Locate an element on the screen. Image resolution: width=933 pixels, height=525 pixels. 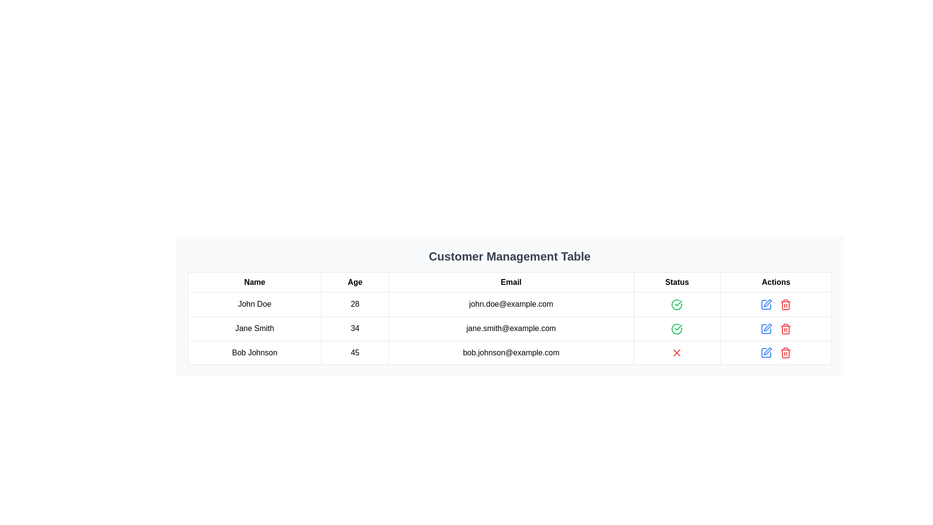
the close icon represented by a red 'X' within an SVG graphic located in the 'Actions' column of the last row for 'Bob Johnson' is located at coordinates (676, 353).